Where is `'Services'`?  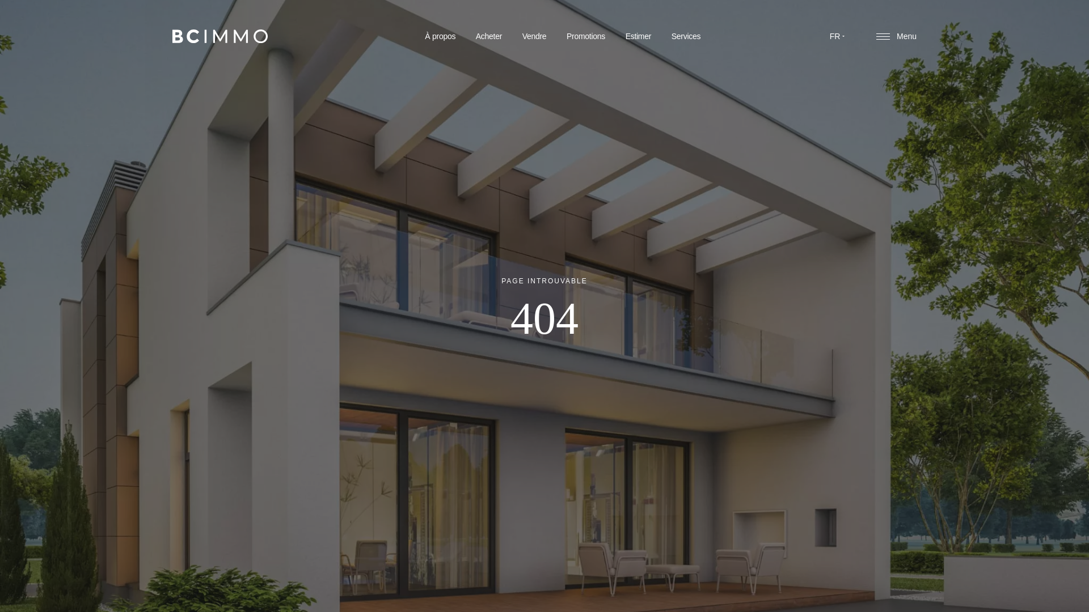
'Services' is located at coordinates (667, 38).